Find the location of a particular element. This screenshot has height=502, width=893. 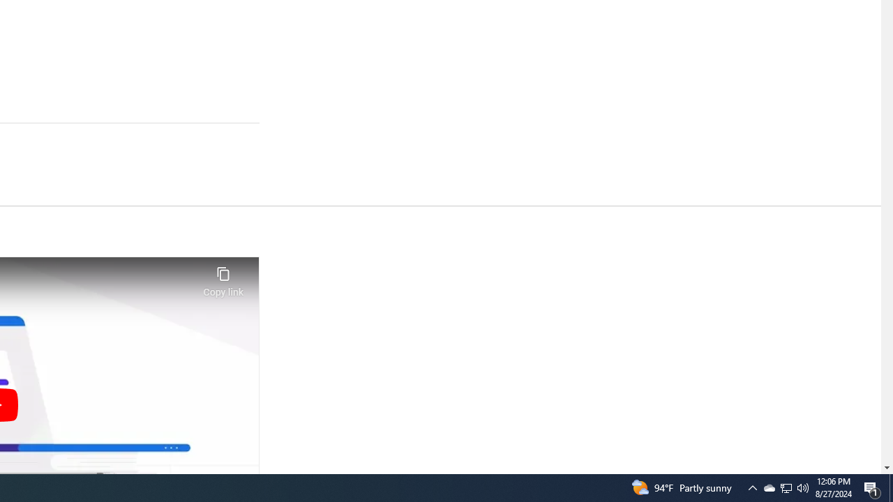

'Copy link' is located at coordinates (223, 277).